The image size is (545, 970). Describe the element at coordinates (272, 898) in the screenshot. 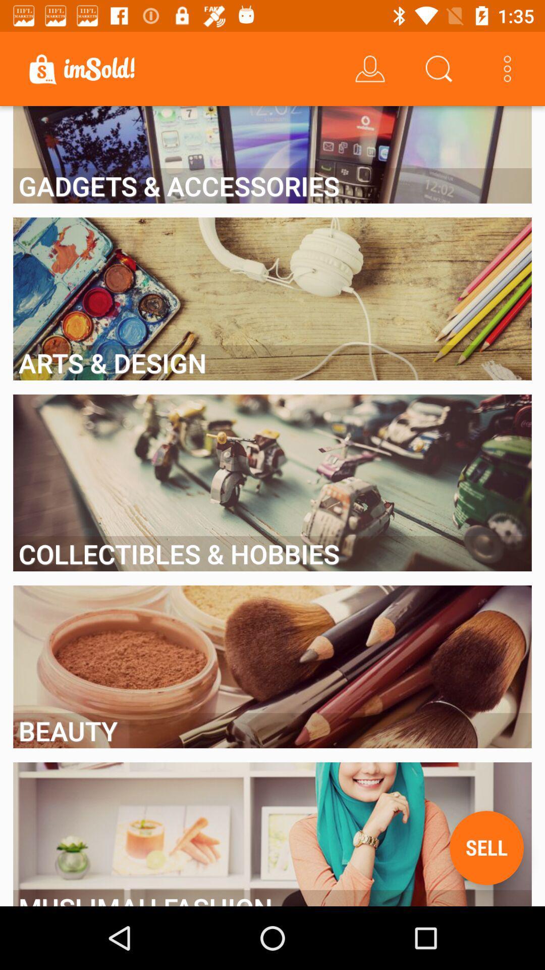

I see `the muslimah fashion item` at that location.